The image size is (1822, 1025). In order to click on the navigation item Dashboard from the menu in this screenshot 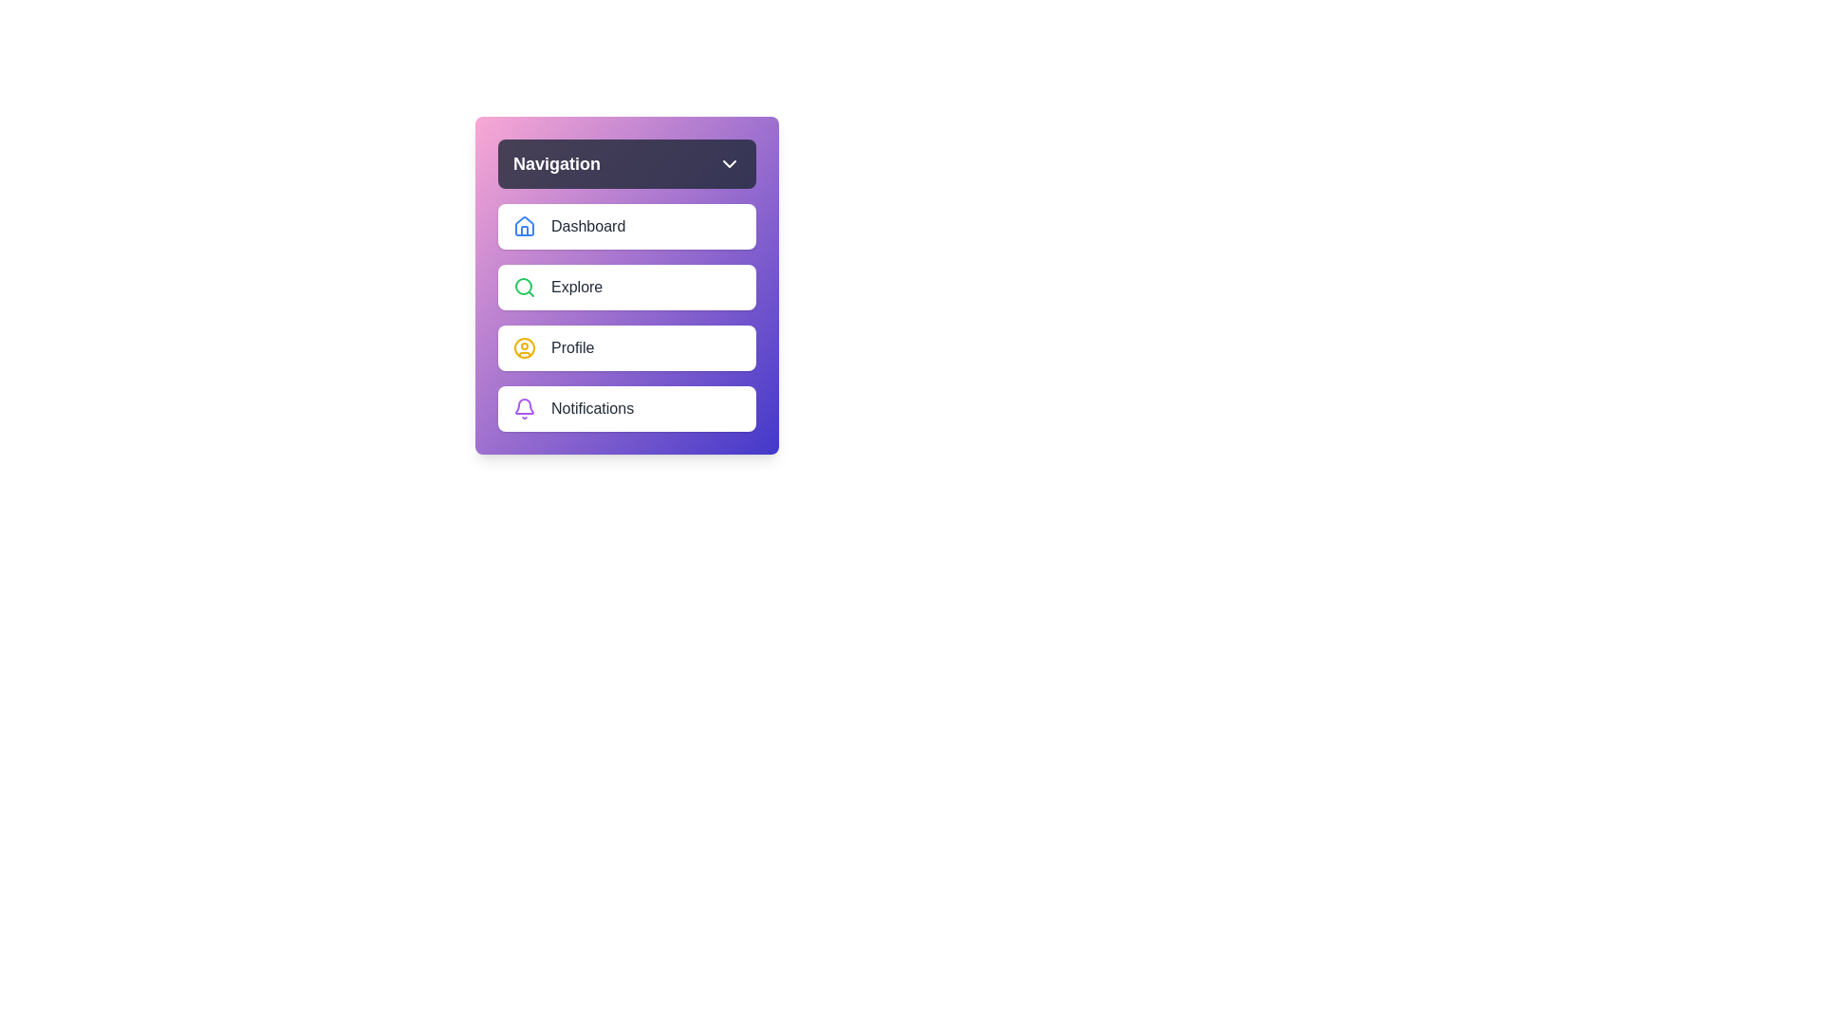, I will do `click(627, 226)`.